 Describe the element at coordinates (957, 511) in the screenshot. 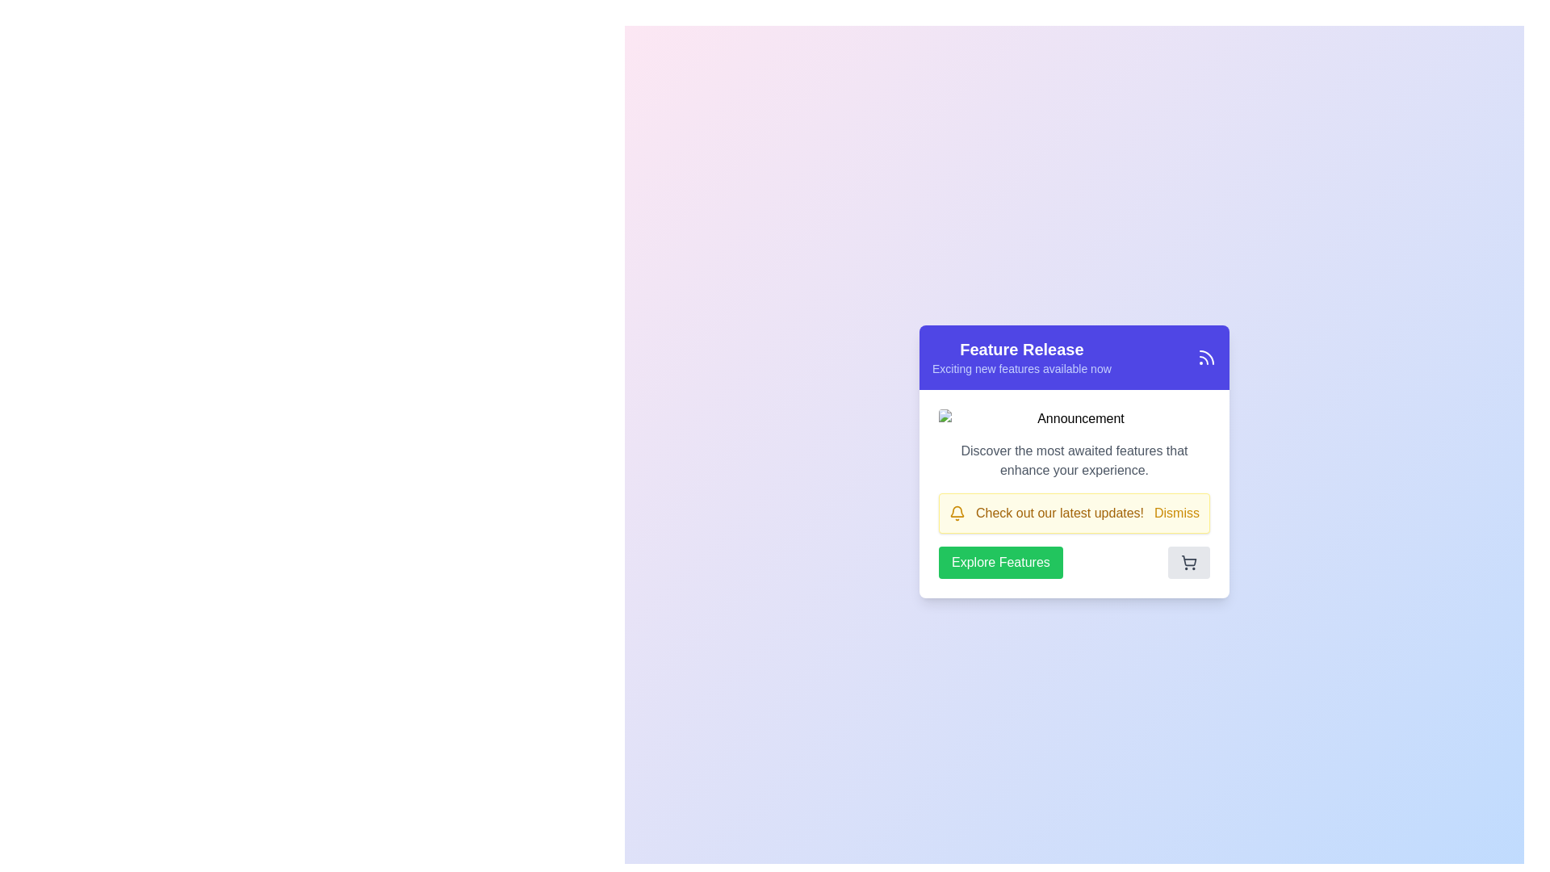

I see `the bell-shaped notification icon styled with a yellow tone, located within an SVG outline, positioned near the top right corner of the feature release card` at that location.